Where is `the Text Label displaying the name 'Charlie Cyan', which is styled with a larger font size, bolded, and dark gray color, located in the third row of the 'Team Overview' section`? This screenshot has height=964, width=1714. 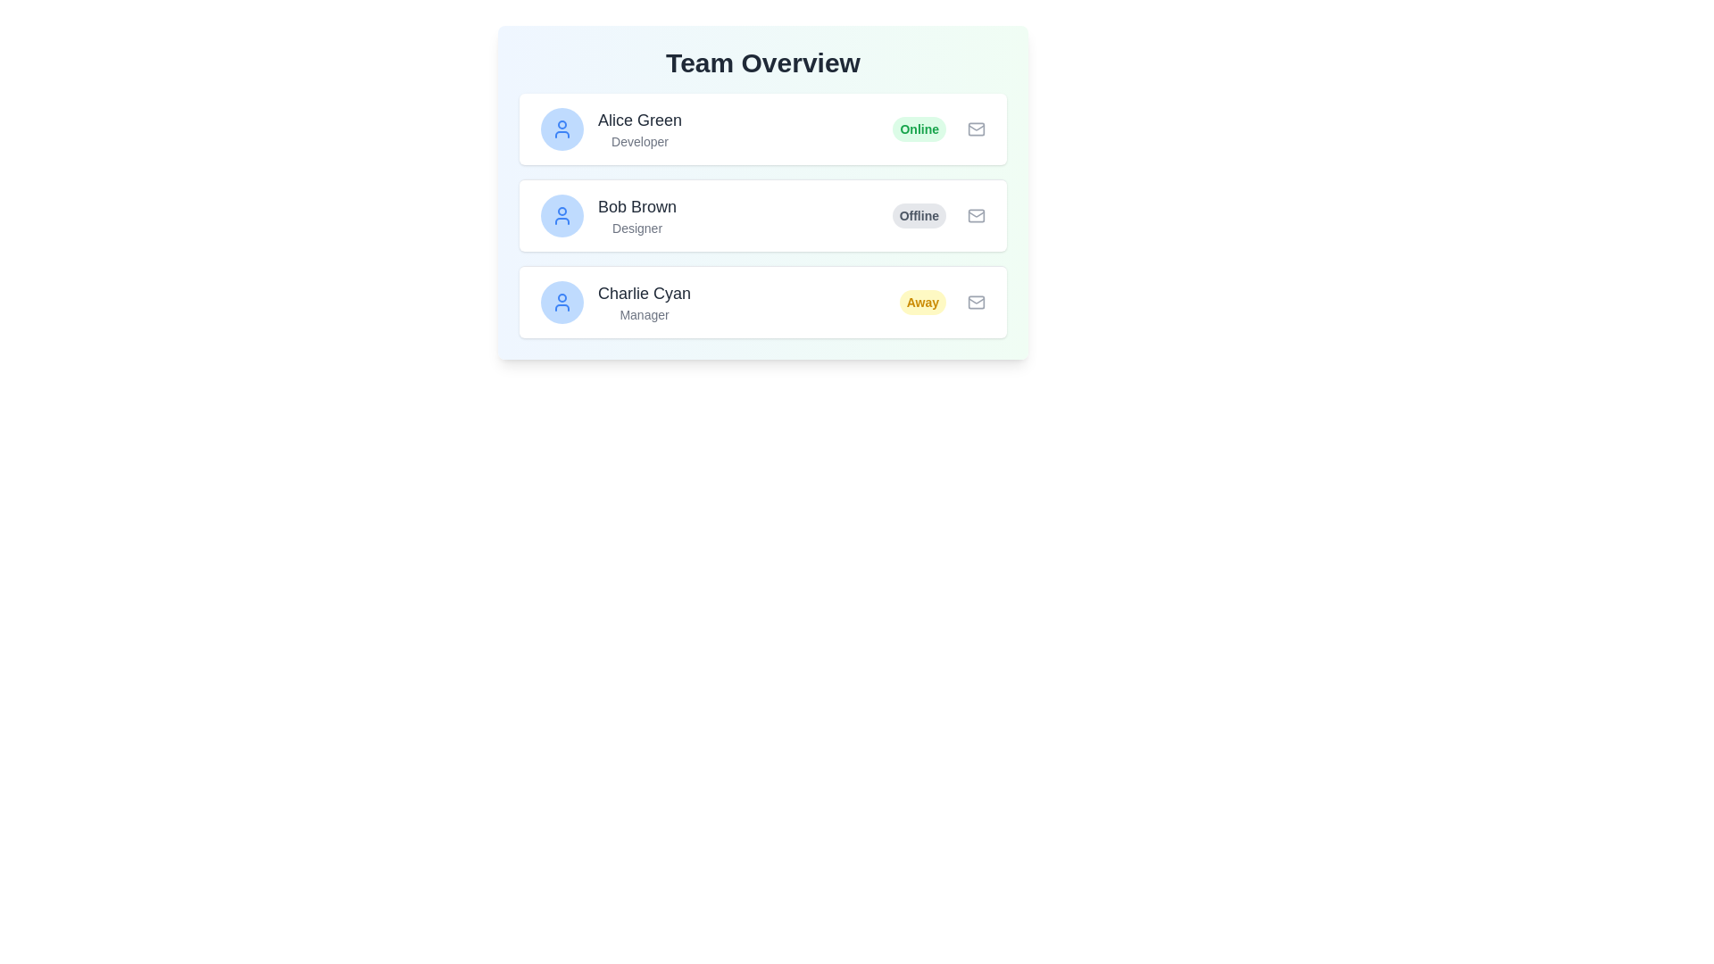 the Text Label displaying the name 'Charlie Cyan', which is styled with a larger font size, bolded, and dark gray color, located in the third row of the 'Team Overview' section is located at coordinates (644, 292).